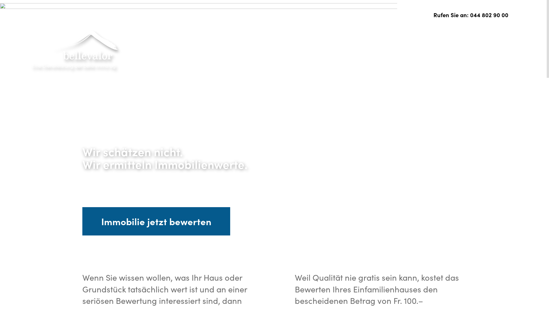  What do you see at coordinates (156, 221) in the screenshot?
I see `'Immobilie jetzt bewerten'` at bounding box center [156, 221].